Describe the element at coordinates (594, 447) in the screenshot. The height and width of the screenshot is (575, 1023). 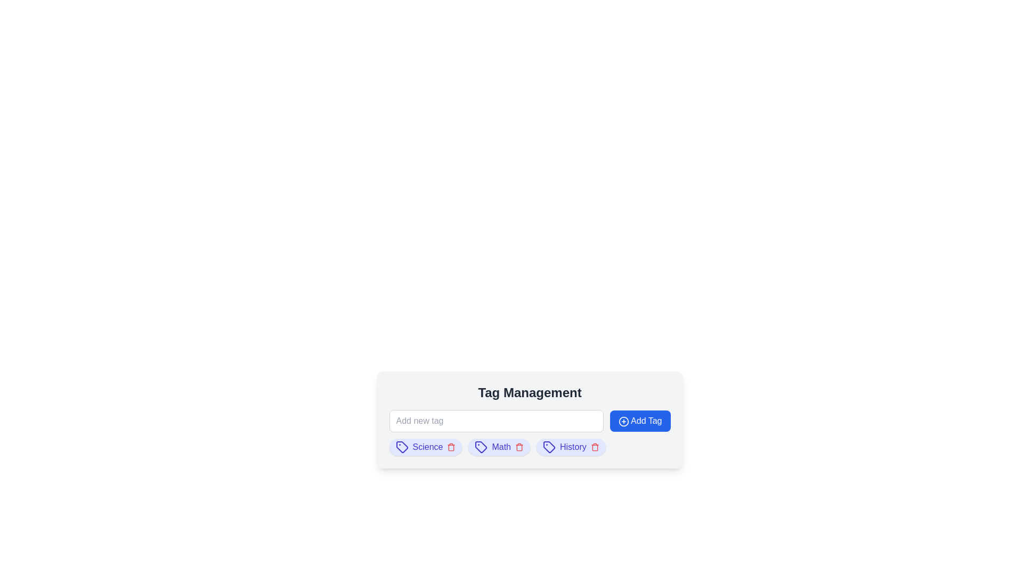
I see `the trash icon button located on the far right within the 'History' tag group` at that location.